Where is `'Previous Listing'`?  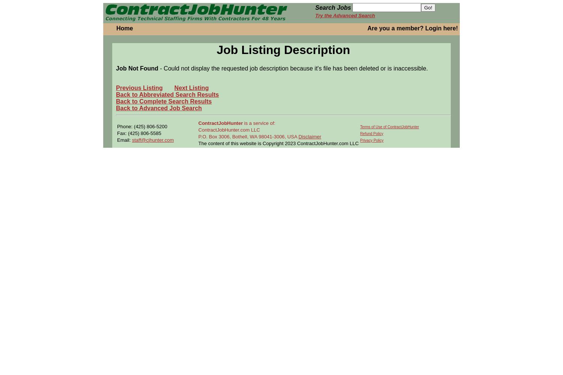 'Previous Listing' is located at coordinates (138, 87).